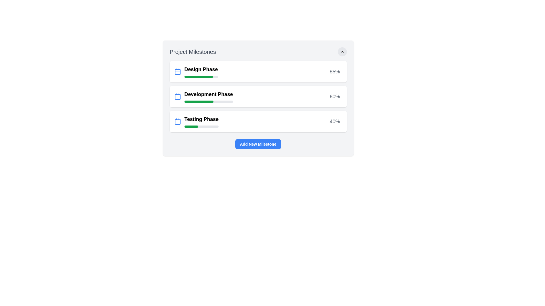 This screenshot has height=306, width=545. Describe the element at coordinates (199, 101) in the screenshot. I see `the progress bar indicating 60% completion for the 'Development Phase' milestone, located below its title and above the percentage value` at that location.